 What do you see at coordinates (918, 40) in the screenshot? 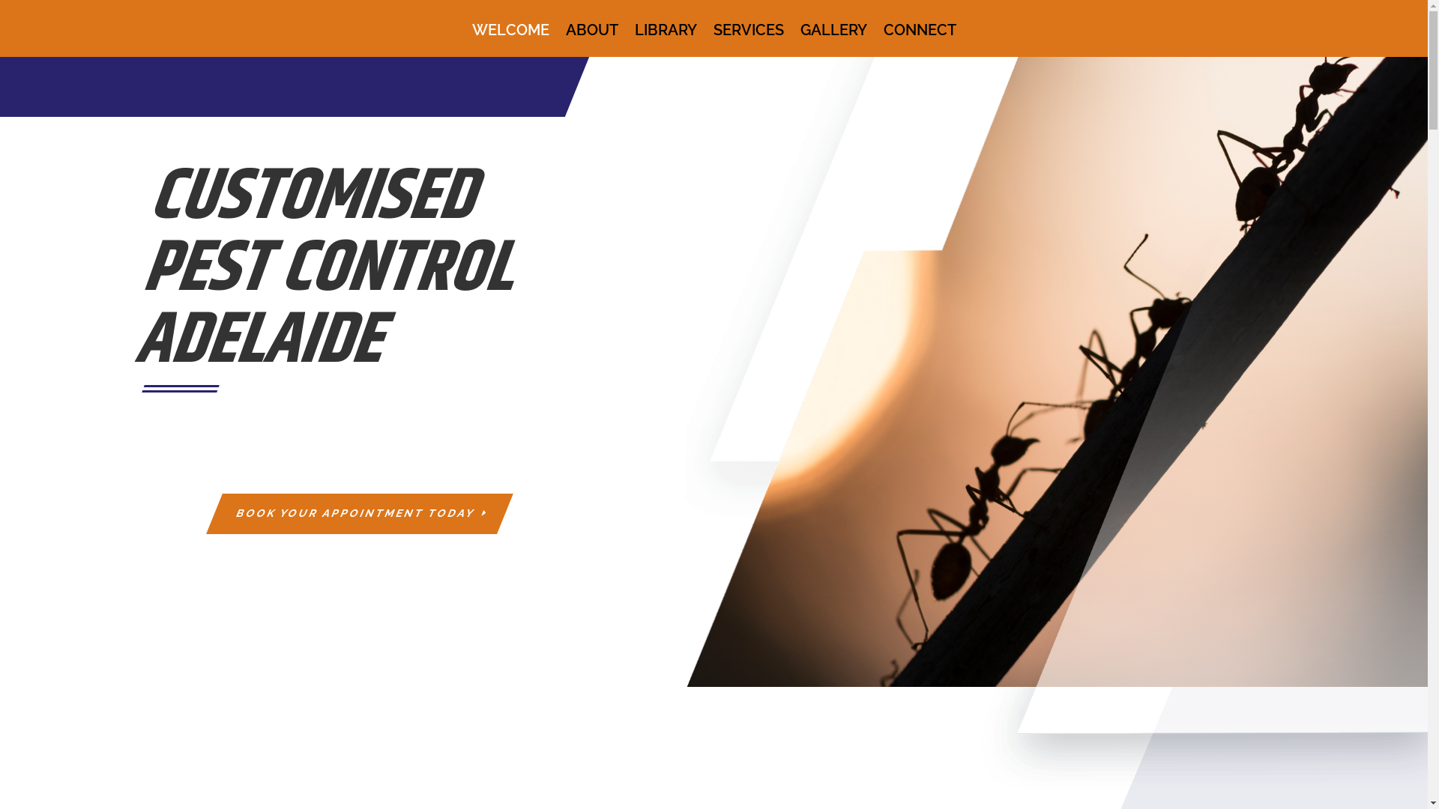
I see `'CONNECT'` at bounding box center [918, 40].